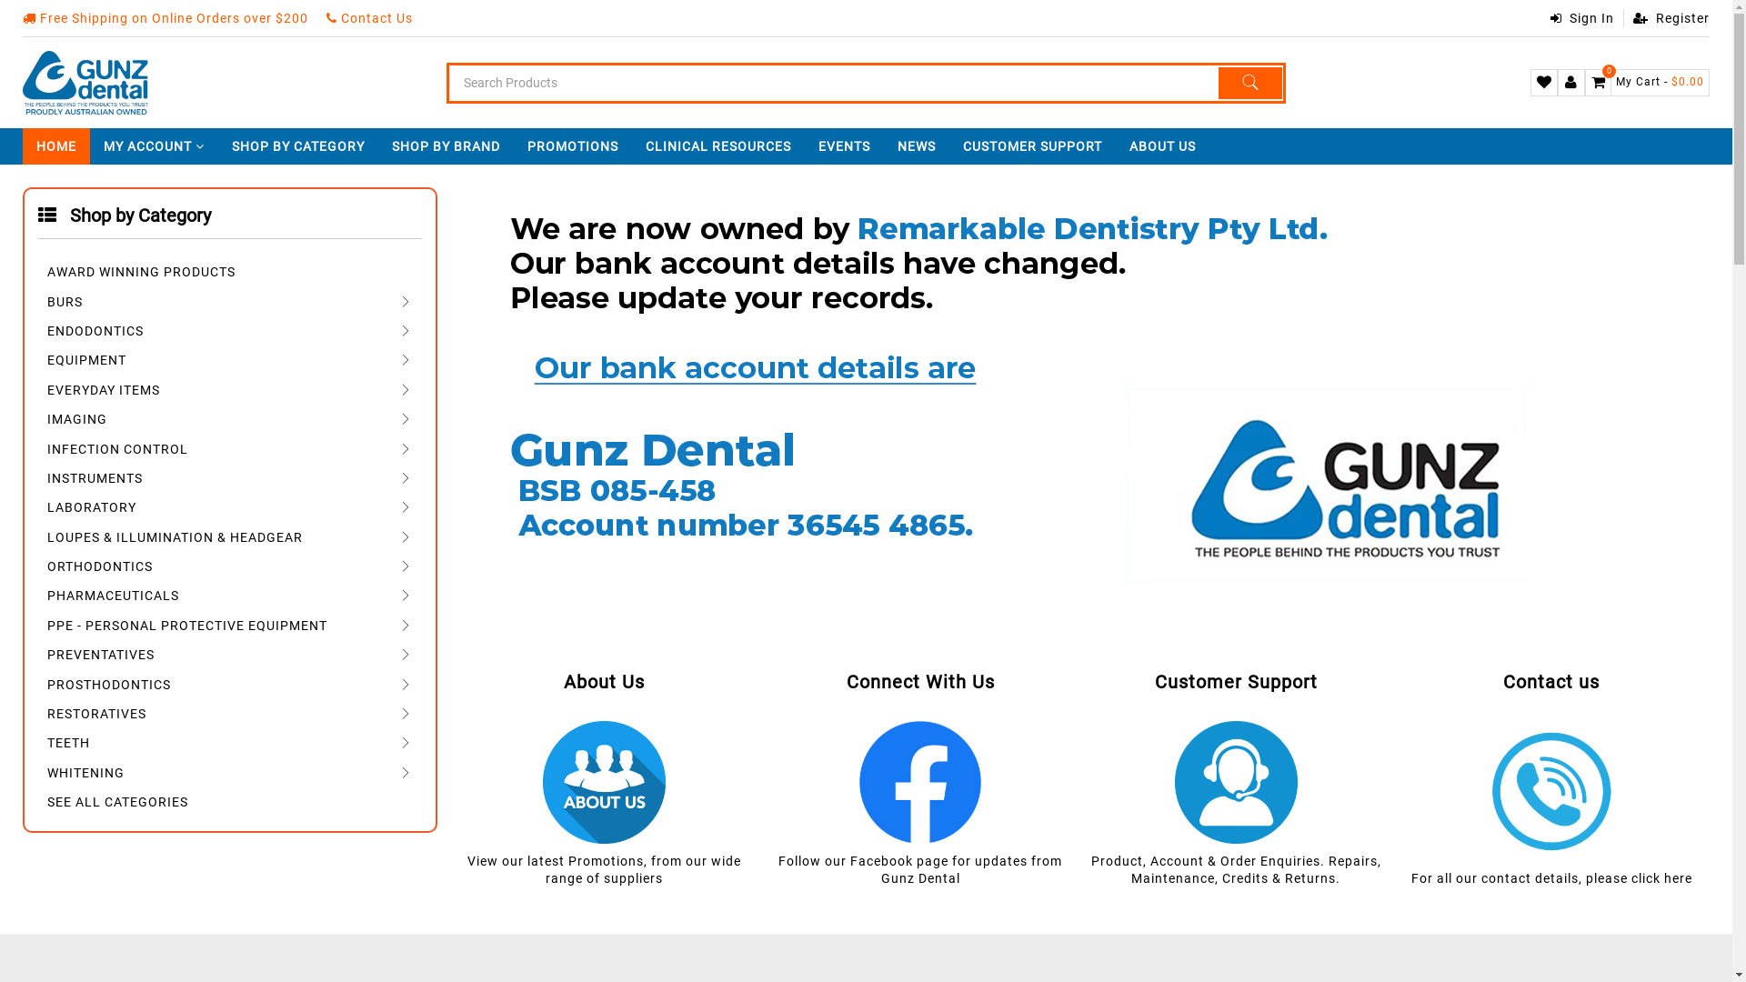  What do you see at coordinates (85, 83) in the screenshot?
I see `'Gunz Dental Australia'` at bounding box center [85, 83].